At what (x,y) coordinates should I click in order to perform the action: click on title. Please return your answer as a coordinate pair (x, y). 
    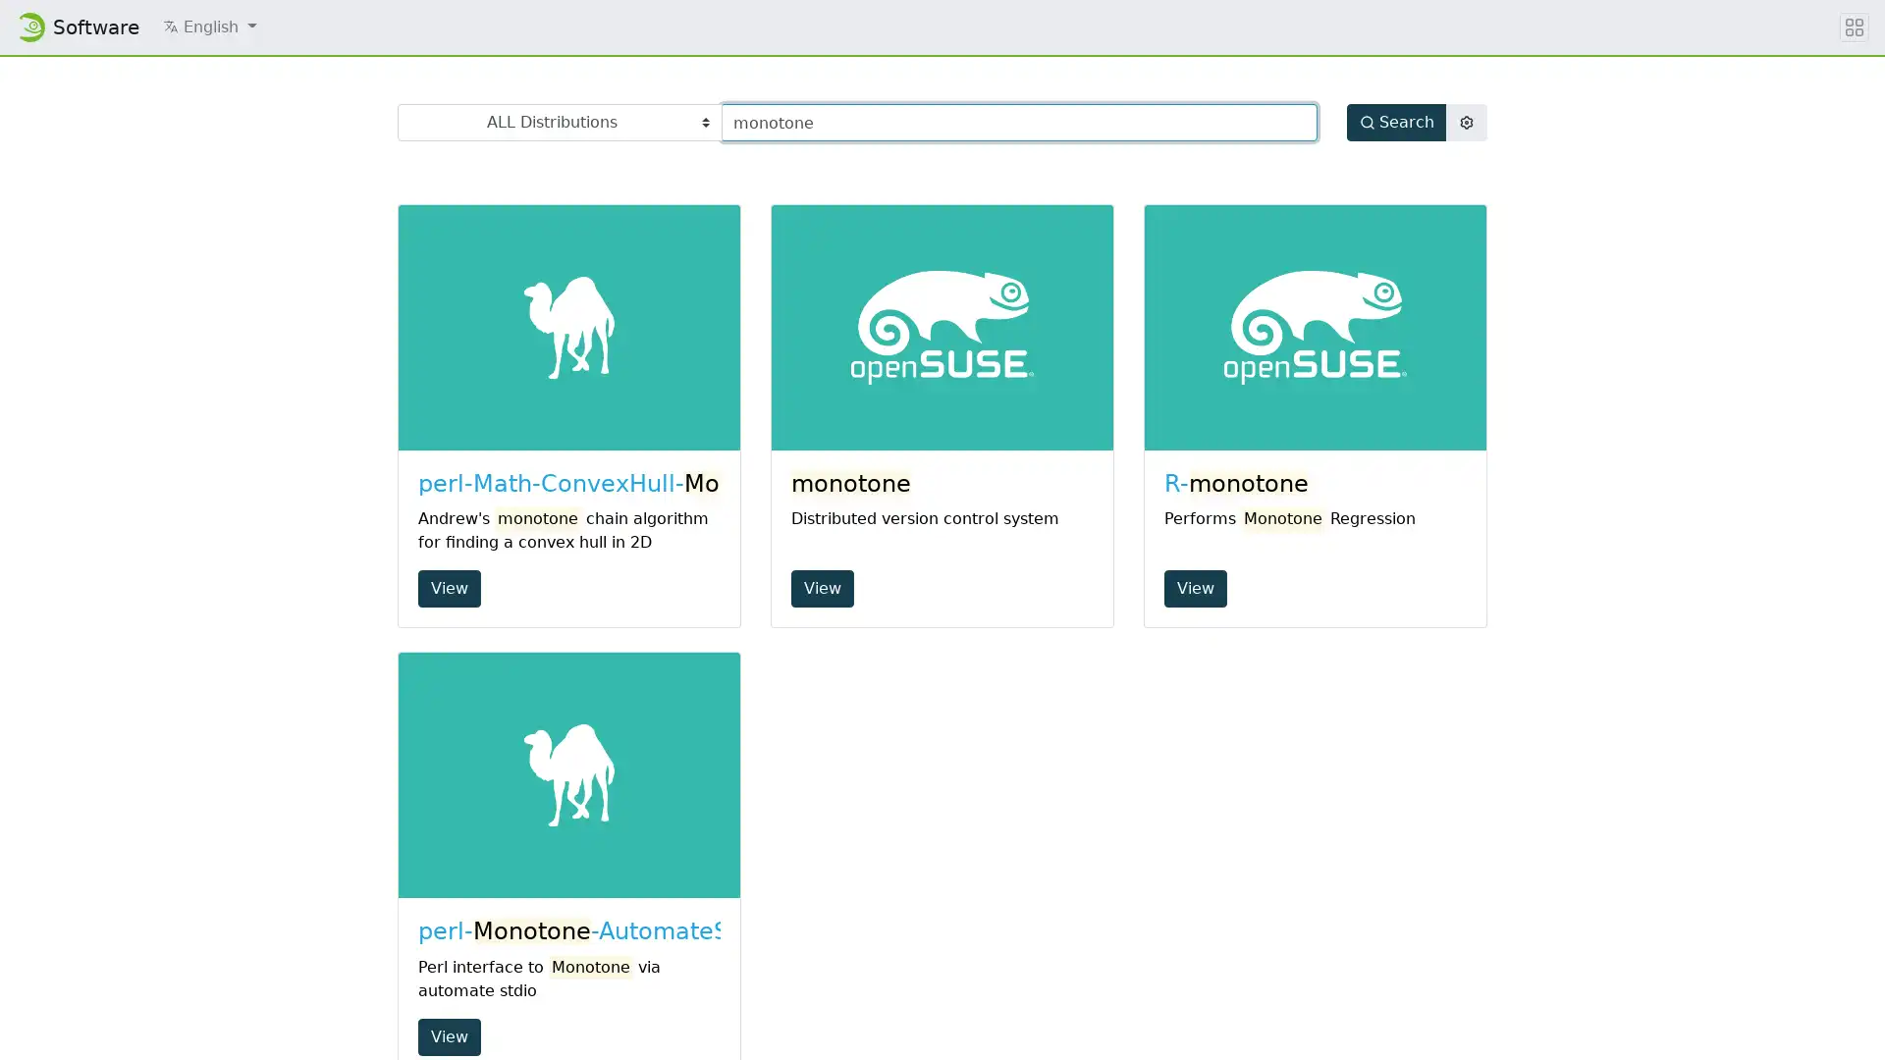
    Looking at the image, I should click on (1854, 26).